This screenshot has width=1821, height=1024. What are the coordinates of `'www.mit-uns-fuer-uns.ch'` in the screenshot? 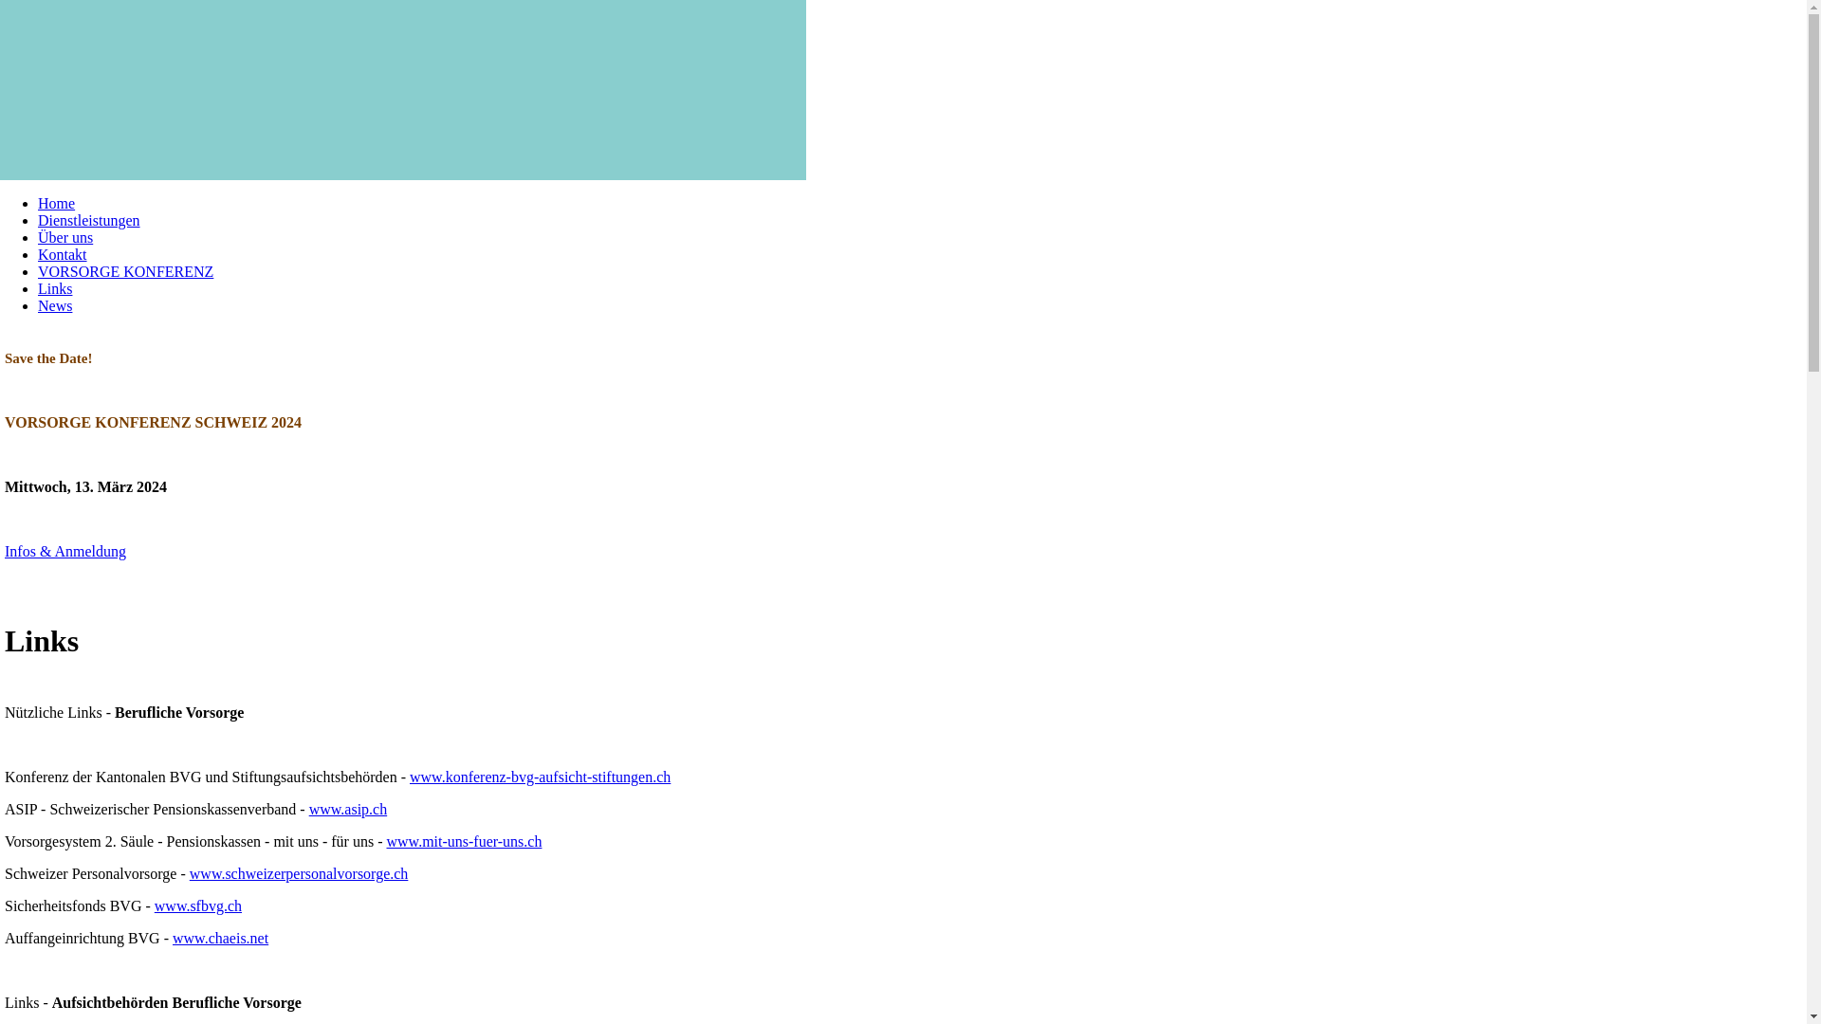 It's located at (464, 840).